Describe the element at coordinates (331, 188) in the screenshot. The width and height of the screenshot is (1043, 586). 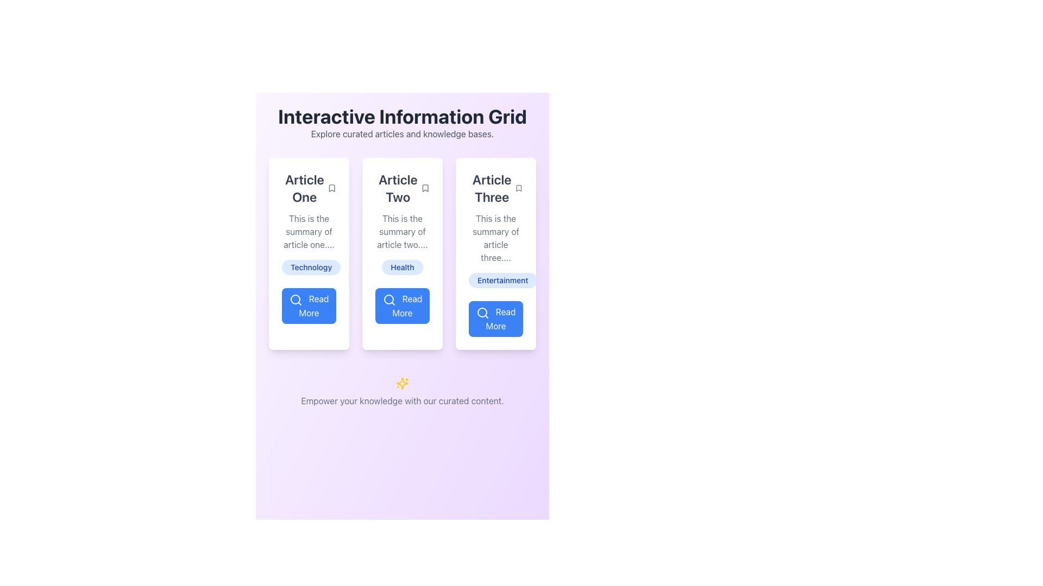
I see `the bookmark icon located within the 'Article One' card, to the right of the main text header at the top of the card to bookmark the article` at that location.